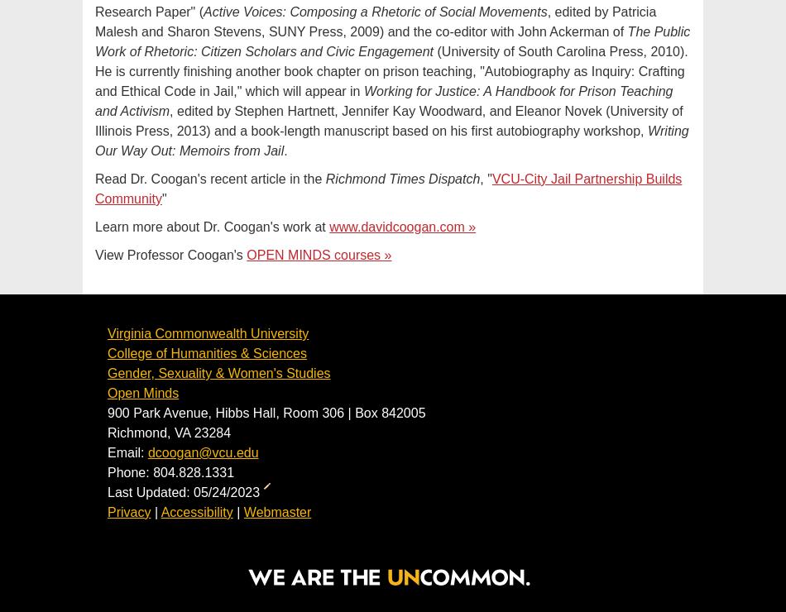  I want to click on 'Gender, Sexuality & Women's Studies', so click(218, 372).